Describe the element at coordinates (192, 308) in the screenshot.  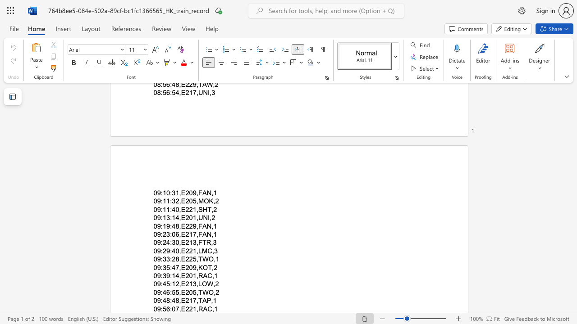
I see `the subset text "1,RAC," within the text "09:56:07,E221,RAC,1"` at that location.